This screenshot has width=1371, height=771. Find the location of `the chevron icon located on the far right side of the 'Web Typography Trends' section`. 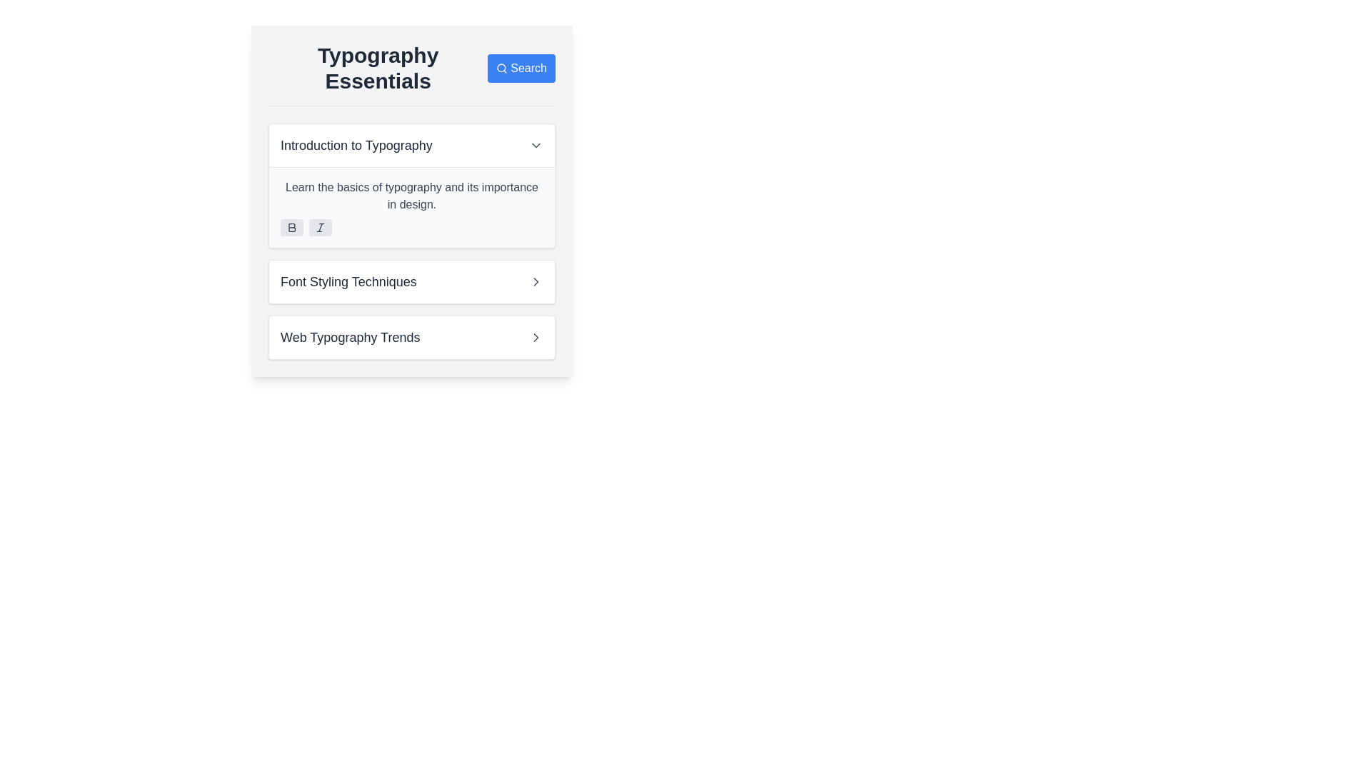

the chevron icon located on the far right side of the 'Web Typography Trends' section is located at coordinates (535, 338).